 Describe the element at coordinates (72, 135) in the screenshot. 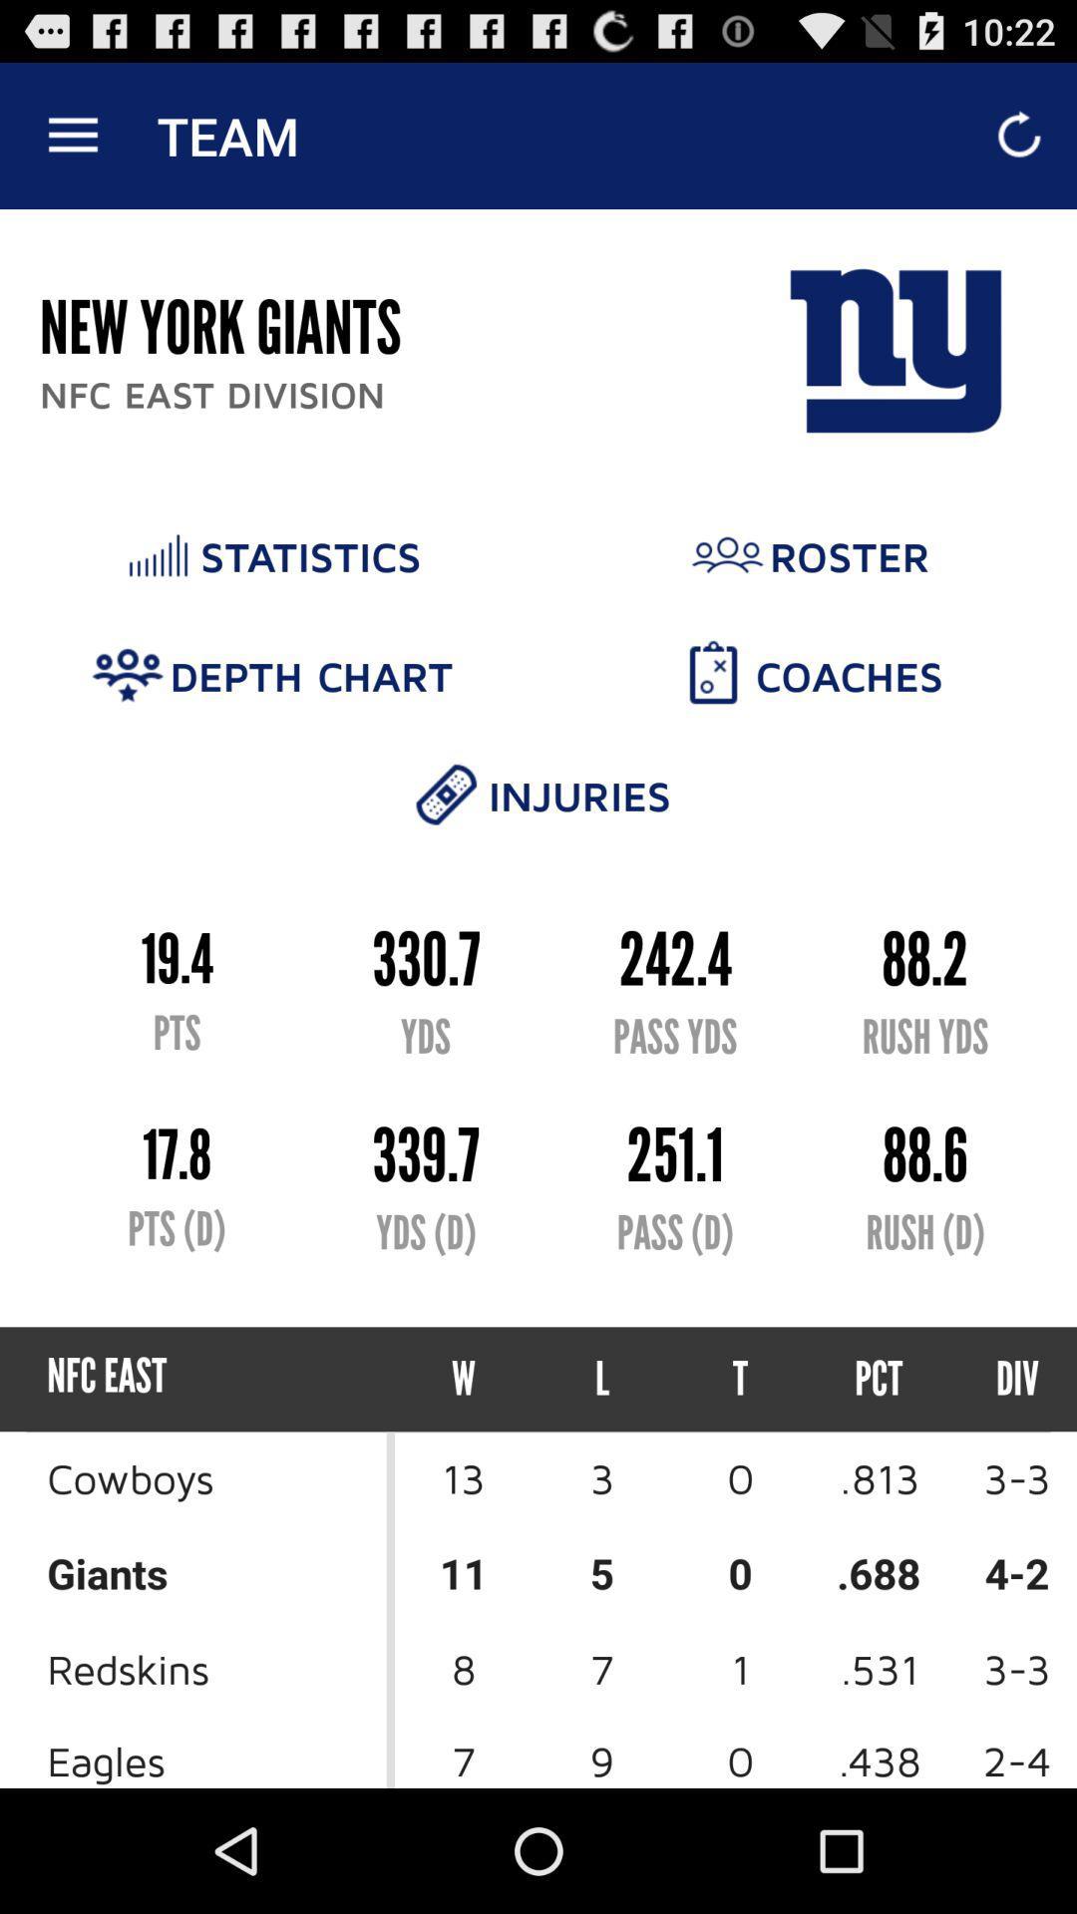

I see `app to the left of the team` at that location.